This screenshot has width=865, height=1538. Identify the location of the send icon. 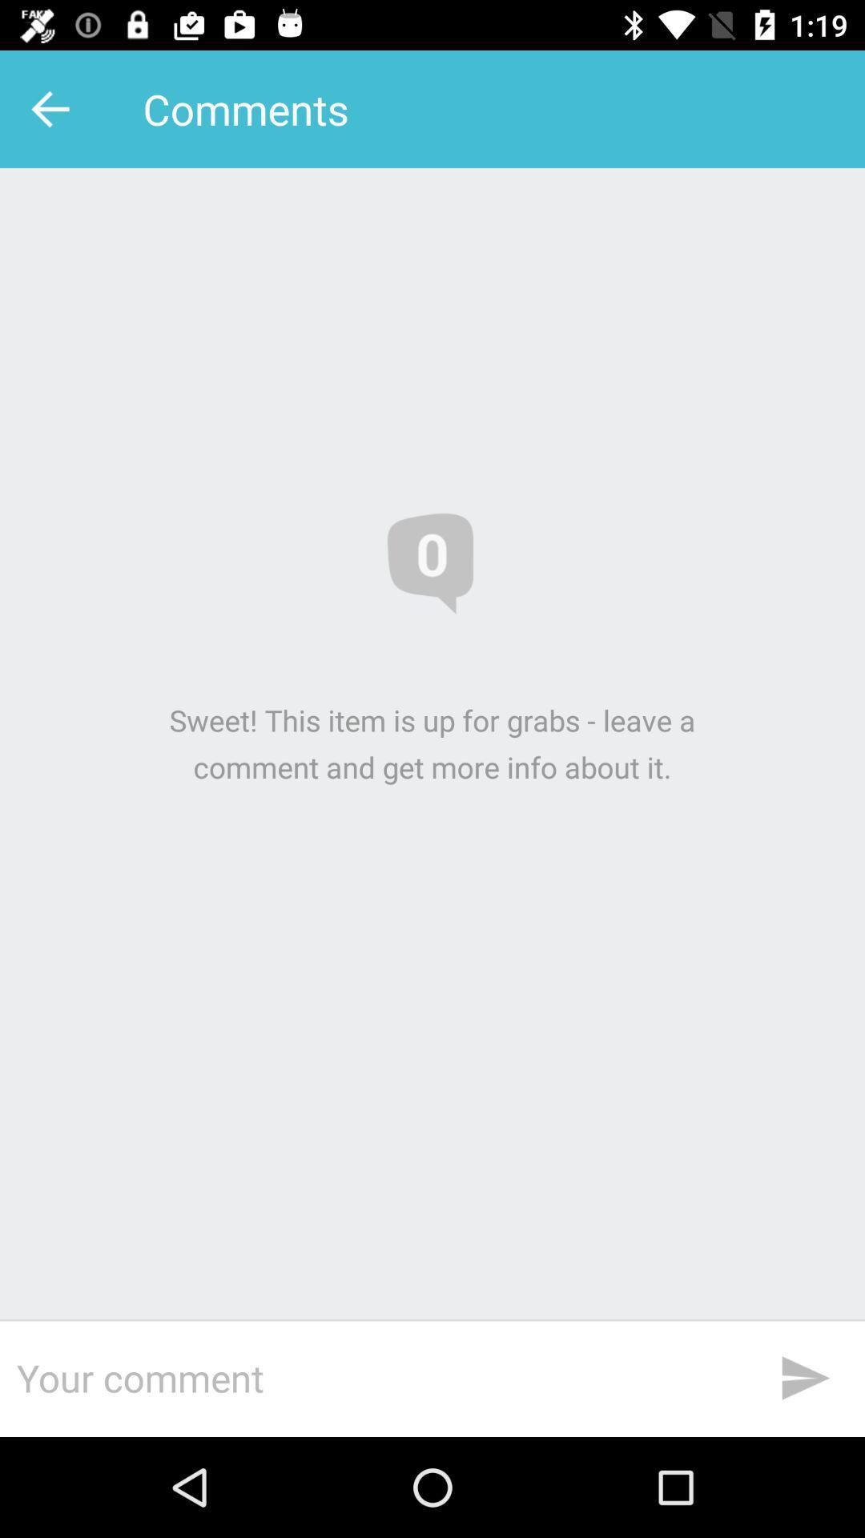
(806, 1377).